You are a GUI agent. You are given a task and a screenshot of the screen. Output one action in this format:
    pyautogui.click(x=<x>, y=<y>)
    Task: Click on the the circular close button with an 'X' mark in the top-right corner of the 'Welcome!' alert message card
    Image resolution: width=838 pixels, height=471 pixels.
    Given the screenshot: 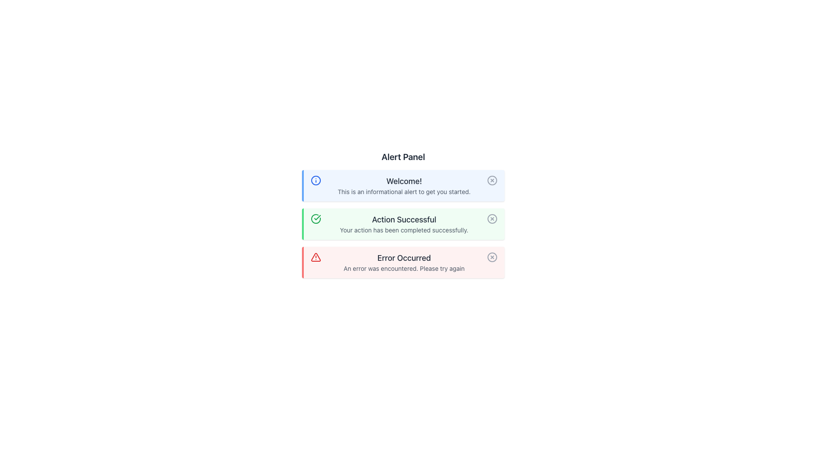 What is the action you would take?
    pyautogui.click(x=492, y=180)
    